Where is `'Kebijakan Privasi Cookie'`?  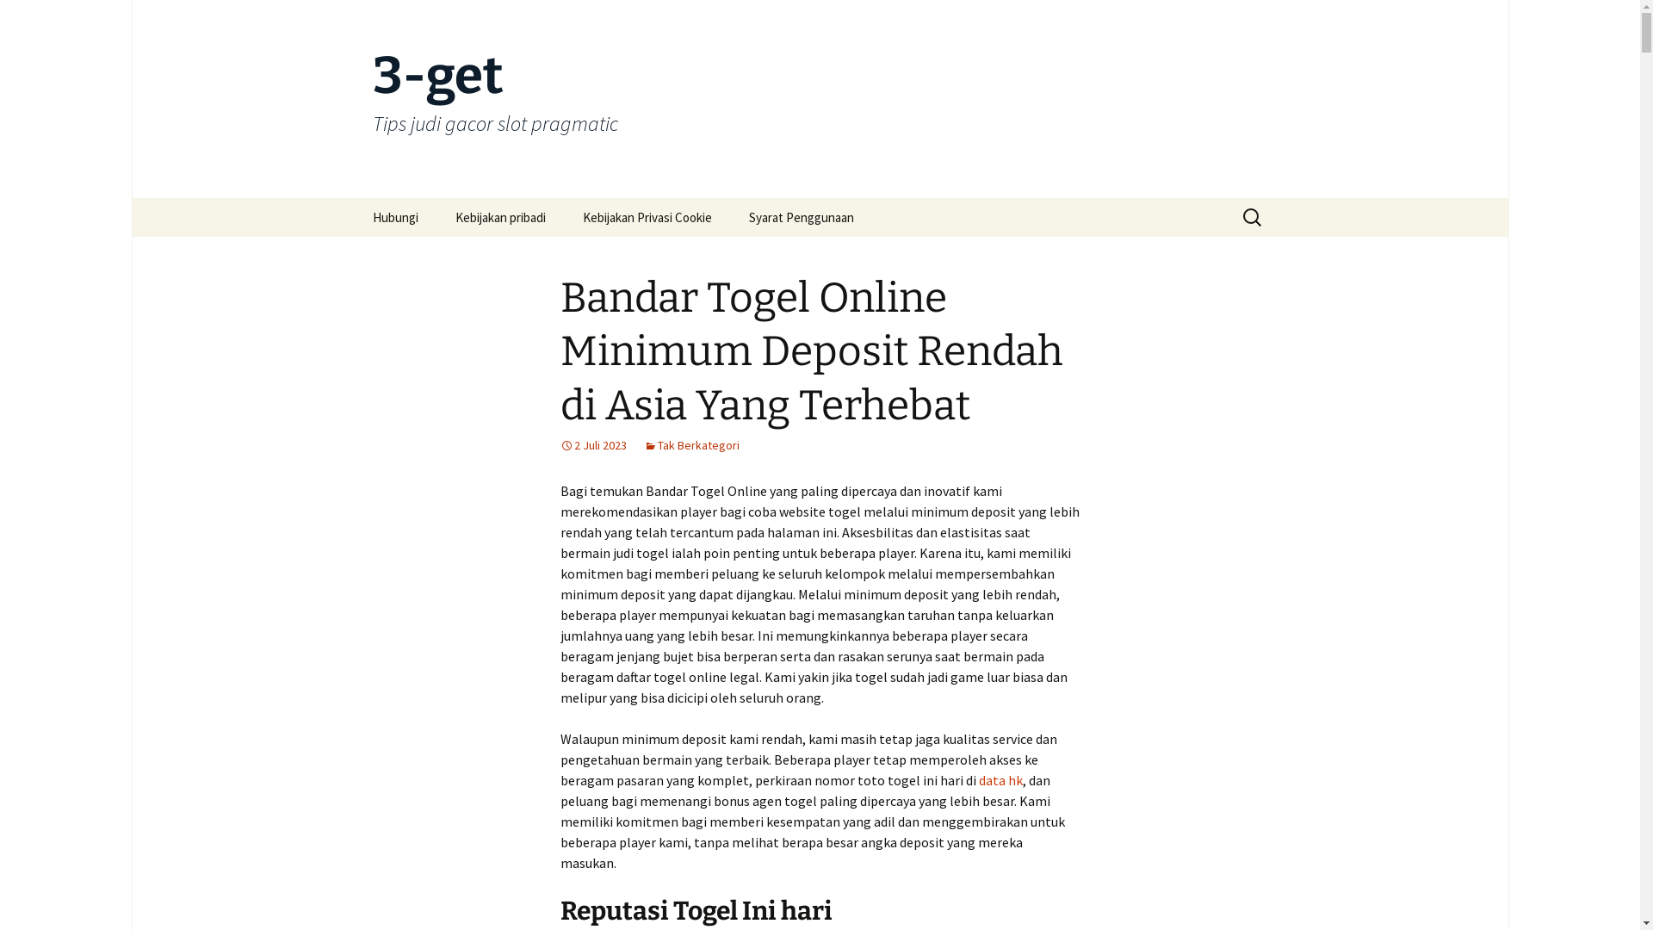 'Kebijakan Privasi Cookie' is located at coordinates (645, 216).